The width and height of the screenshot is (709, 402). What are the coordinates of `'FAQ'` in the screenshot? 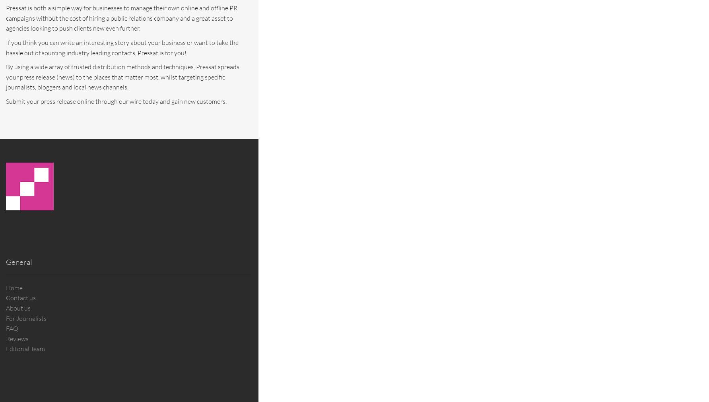 It's located at (12, 328).